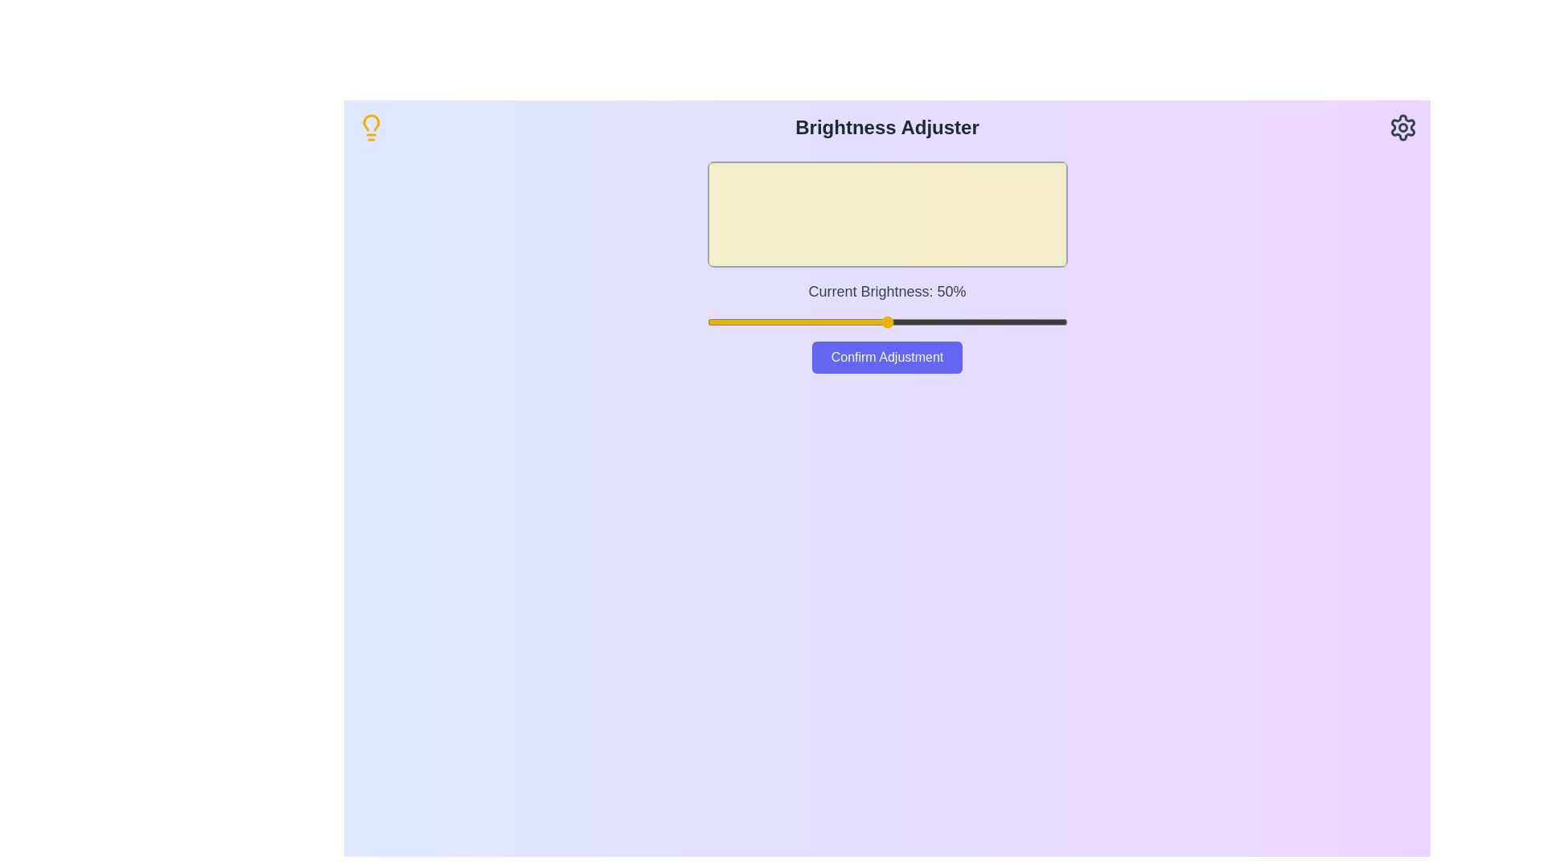 This screenshot has width=1544, height=868. Describe the element at coordinates (919, 322) in the screenshot. I see `the brightness slider to 59%` at that location.